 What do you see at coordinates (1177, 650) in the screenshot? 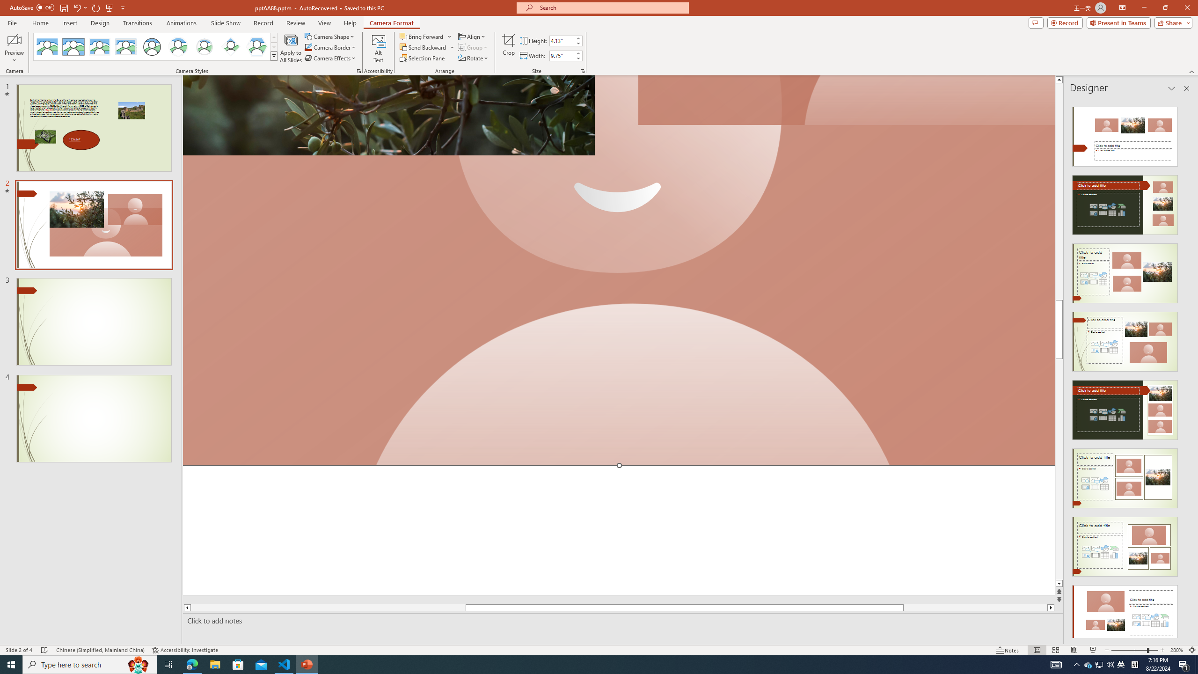
I see `'Zoom 280%'` at bounding box center [1177, 650].